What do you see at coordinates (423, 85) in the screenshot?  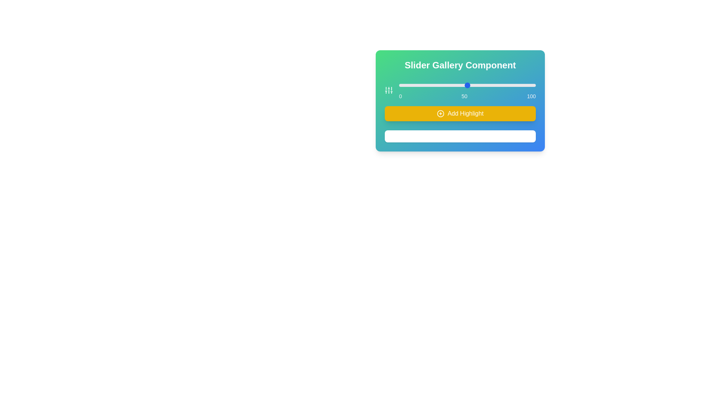 I see `the slider value` at bounding box center [423, 85].